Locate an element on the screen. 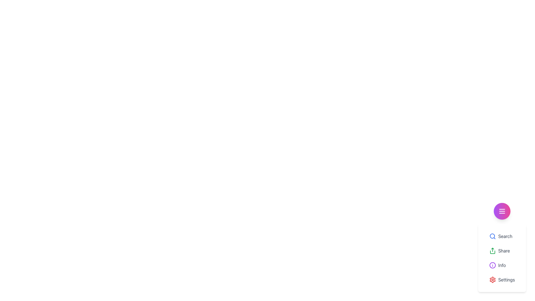 Image resolution: width=535 pixels, height=301 pixels. the informational indicator icon located to the left of the 'Info' label in the dropdown menu, which is the third option from the top is located at coordinates (493, 265).